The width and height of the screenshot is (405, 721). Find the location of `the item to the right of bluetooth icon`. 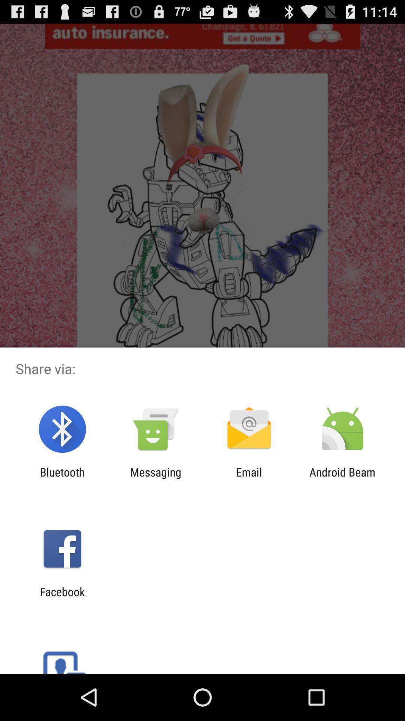

the item to the right of bluetooth icon is located at coordinates (155, 478).